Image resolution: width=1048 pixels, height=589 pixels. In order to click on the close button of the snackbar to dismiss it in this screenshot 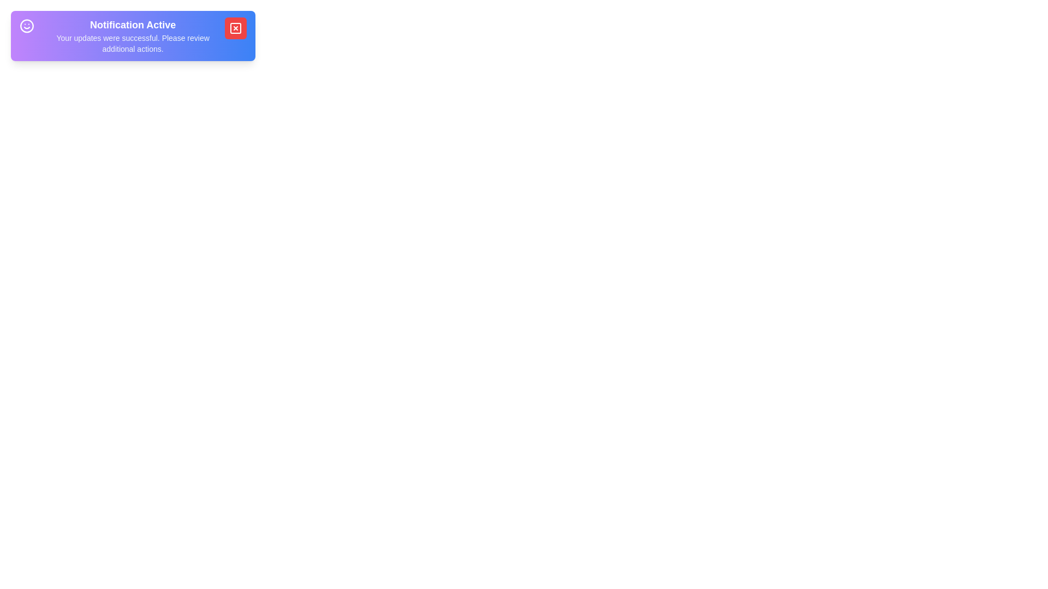, I will do `click(235, 27)`.